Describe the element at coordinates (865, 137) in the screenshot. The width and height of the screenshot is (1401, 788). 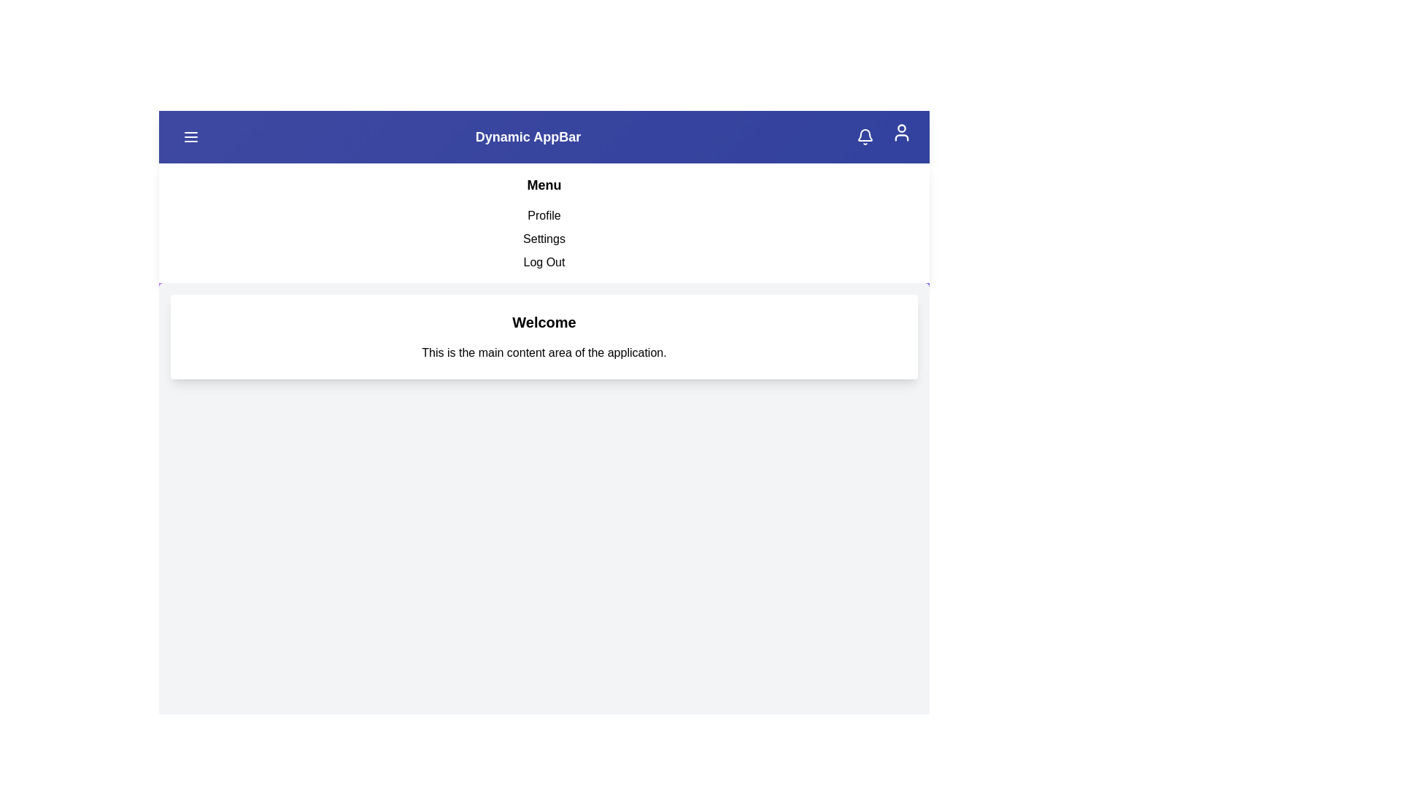
I see `the bell icon to toggle notifications` at that location.